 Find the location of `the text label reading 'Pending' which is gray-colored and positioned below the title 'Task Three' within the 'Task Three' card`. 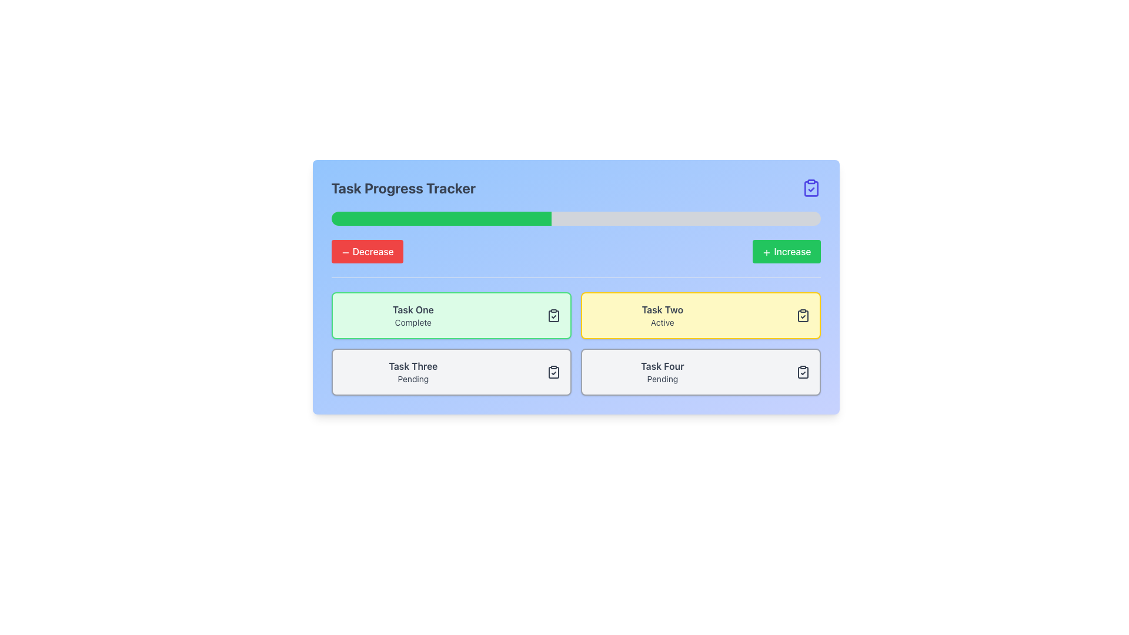

the text label reading 'Pending' which is gray-colored and positioned below the title 'Task Three' within the 'Task Three' card is located at coordinates (413, 379).